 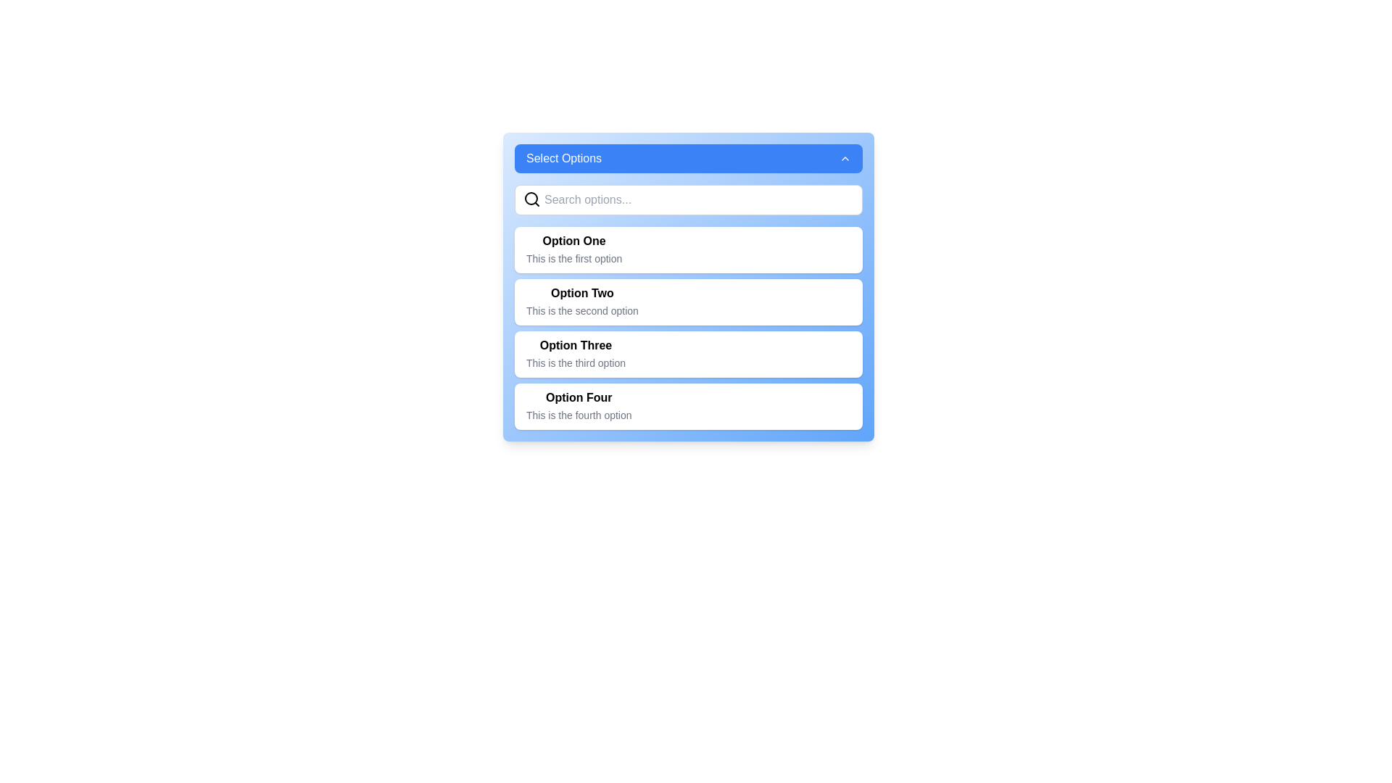 I want to click on the descriptive text label that clarifies the intent of the third option in the dropdown menu, located below 'Option Three', so click(x=575, y=362).